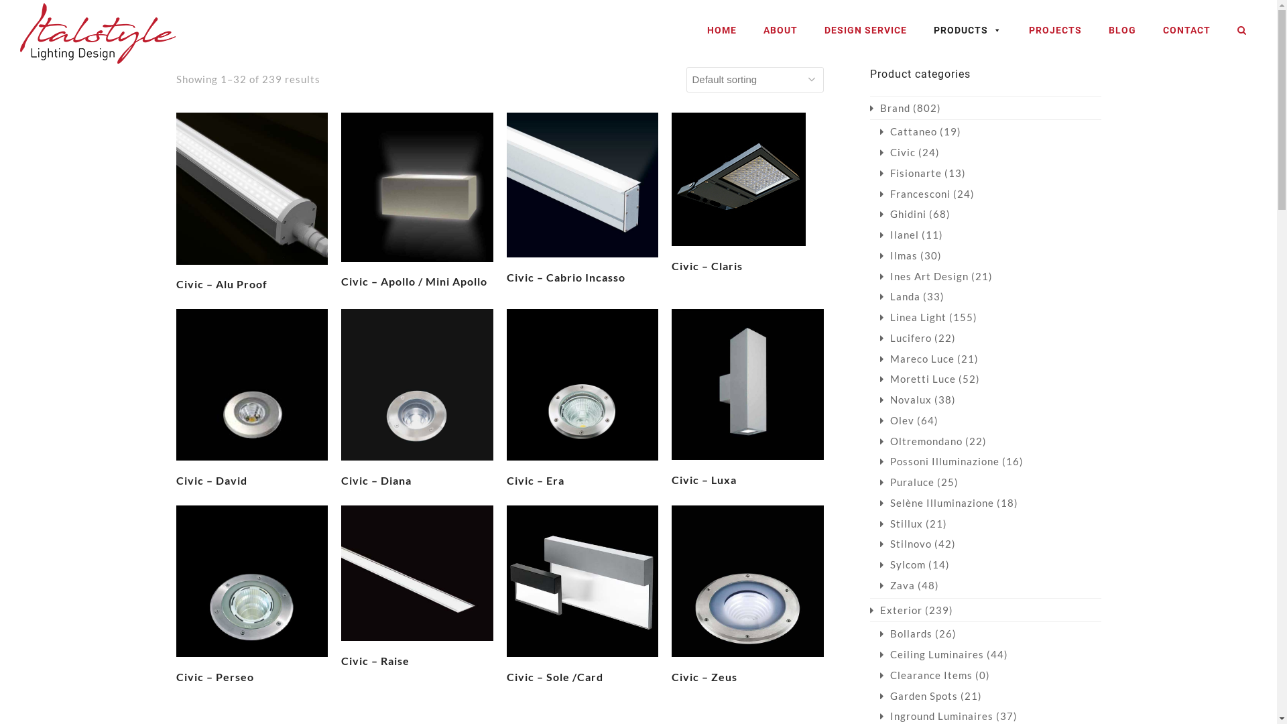 The height and width of the screenshot is (724, 1287). I want to click on 'Olev', so click(896, 420).